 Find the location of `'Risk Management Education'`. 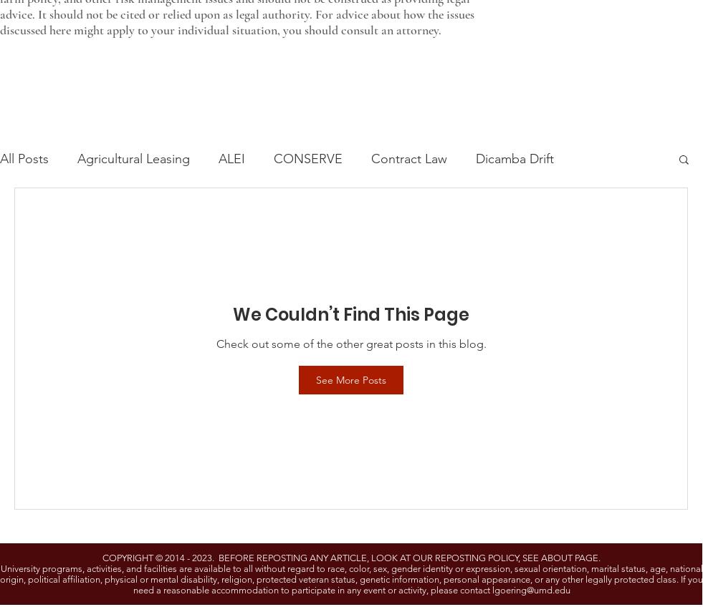

'Risk Management Education' is located at coordinates (232, 387).